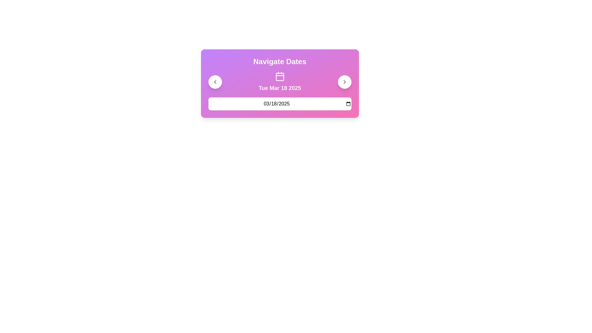 The image size is (592, 333). What do you see at coordinates (215, 82) in the screenshot?
I see `the backward navigation arrow icon located within the circular button on the far-left side of the 'Navigate Dates' user interface` at bounding box center [215, 82].